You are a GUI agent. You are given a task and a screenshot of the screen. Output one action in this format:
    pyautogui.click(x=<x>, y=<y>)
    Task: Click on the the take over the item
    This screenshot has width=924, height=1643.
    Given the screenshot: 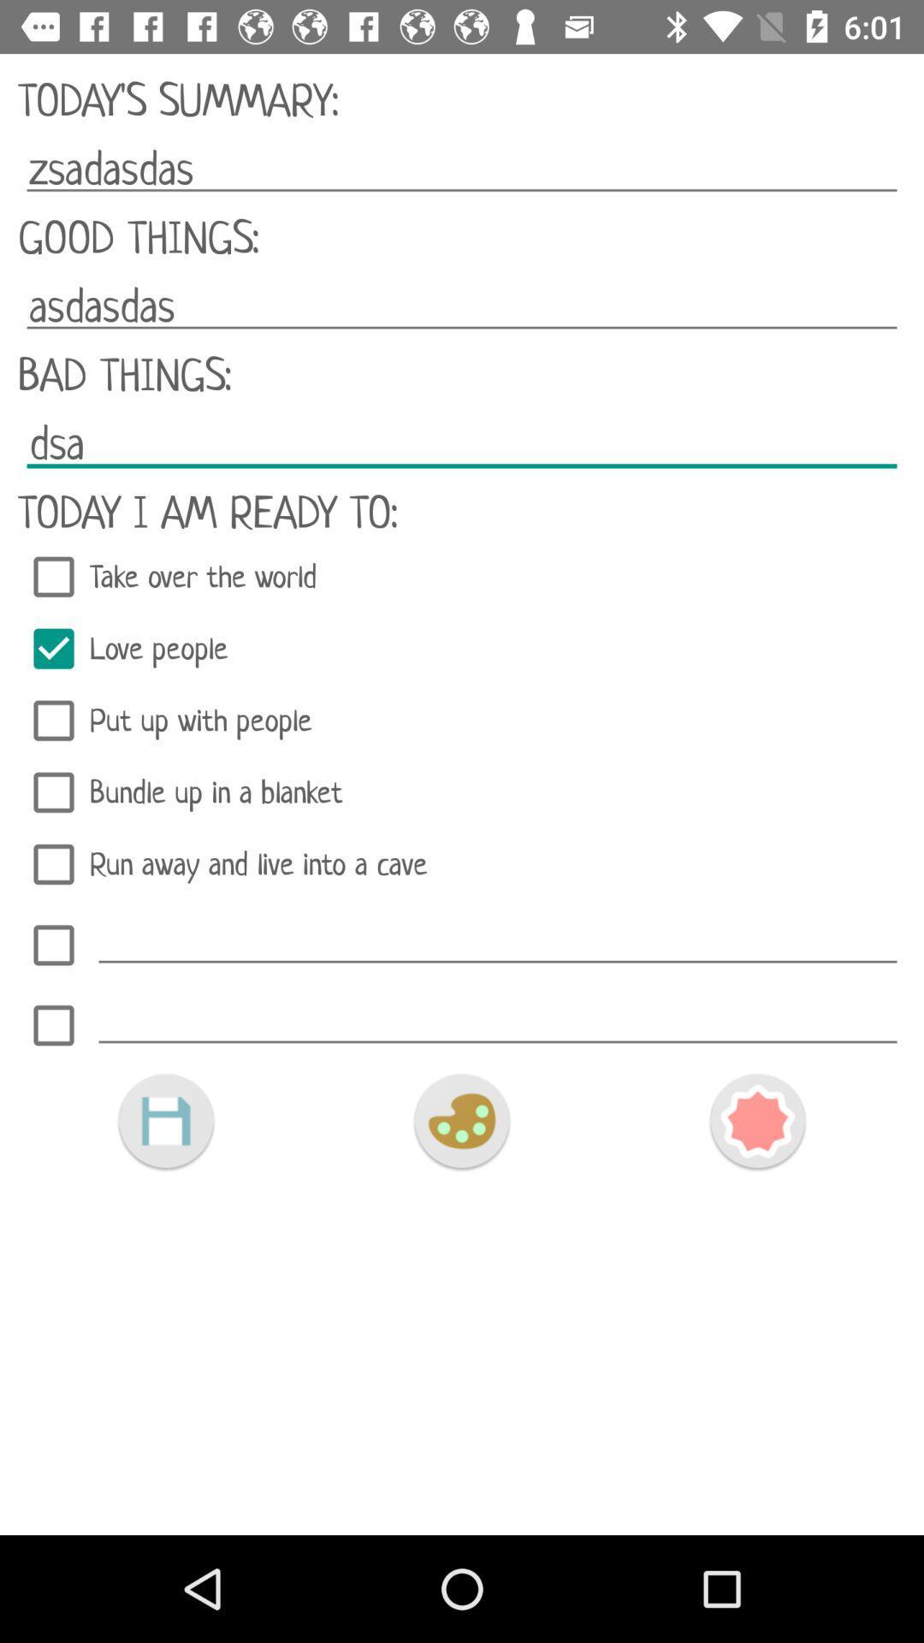 What is the action you would take?
    pyautogui.click(x=462, y=577)
    